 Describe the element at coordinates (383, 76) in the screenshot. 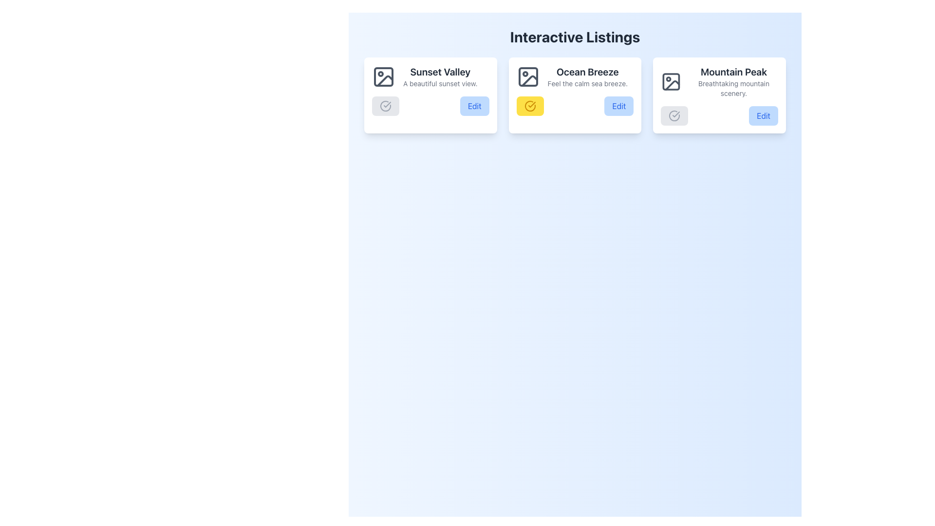

I see `the icon representing the 'Sunset Valley' listing card` at that location.